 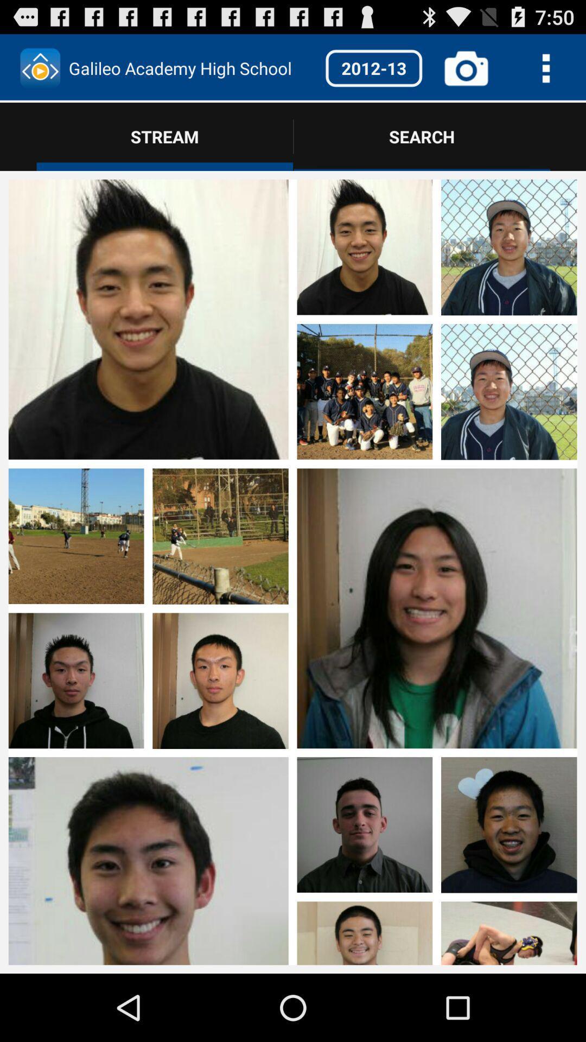 What do you see at coordinates (365, 537) in the screenshot?
I see `image area` at bounding box center [365, 537].